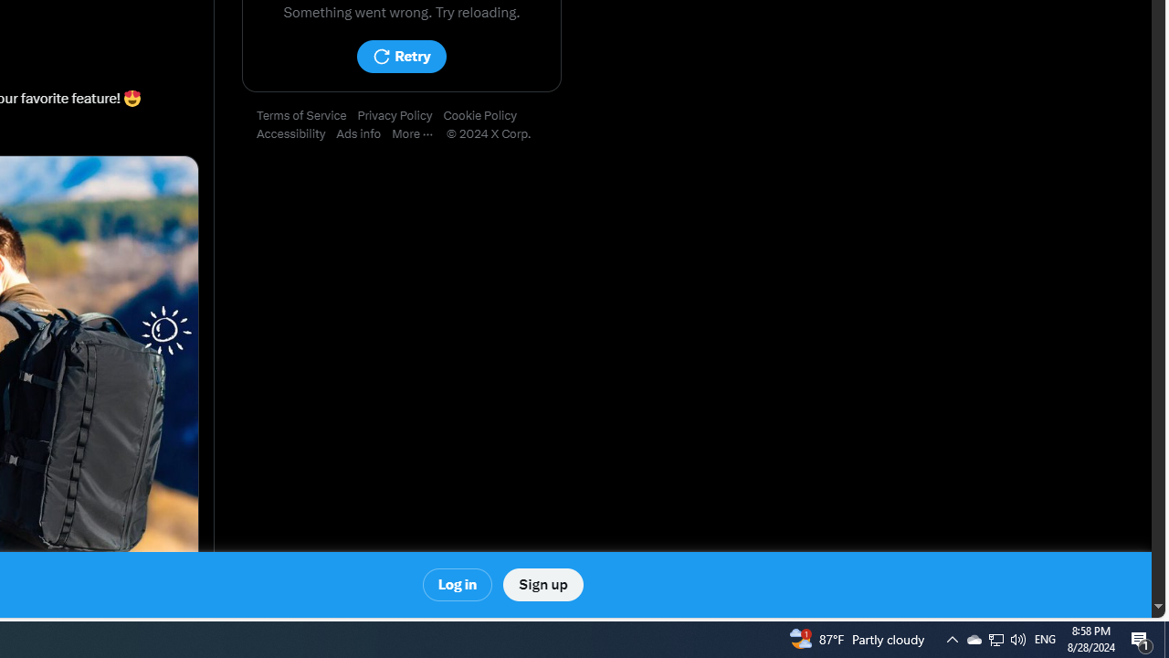  Describe the element at coordinates (364, 133) in the screenshot. I see `'Ads info'` at that location.